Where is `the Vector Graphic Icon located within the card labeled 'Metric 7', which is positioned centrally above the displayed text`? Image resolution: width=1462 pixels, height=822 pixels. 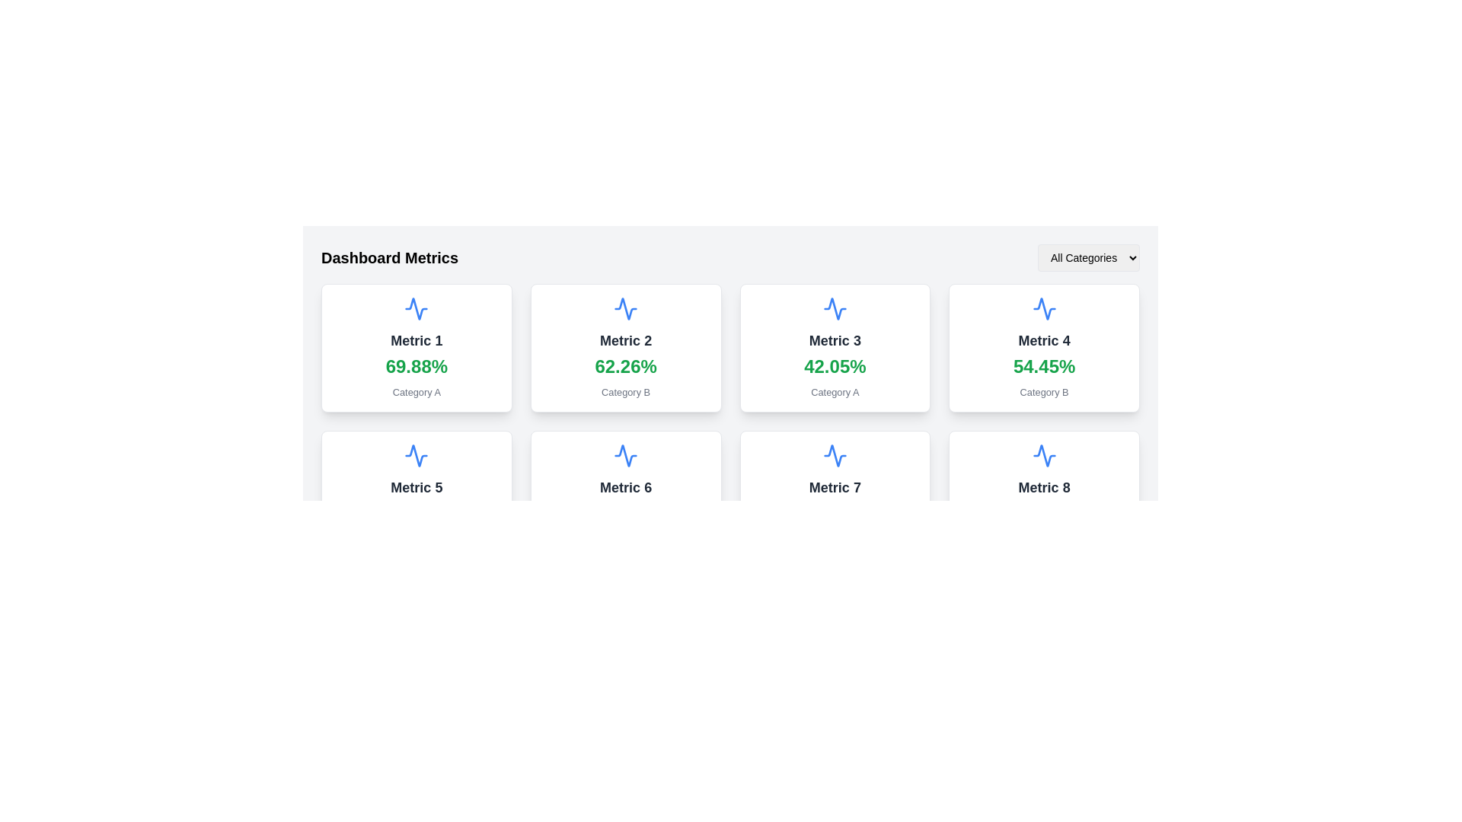 the Vector Graphic Icon located within the card labeled 'Metric 7', which is positioned centrally above the displayed text is located at coordinates (834, 455).